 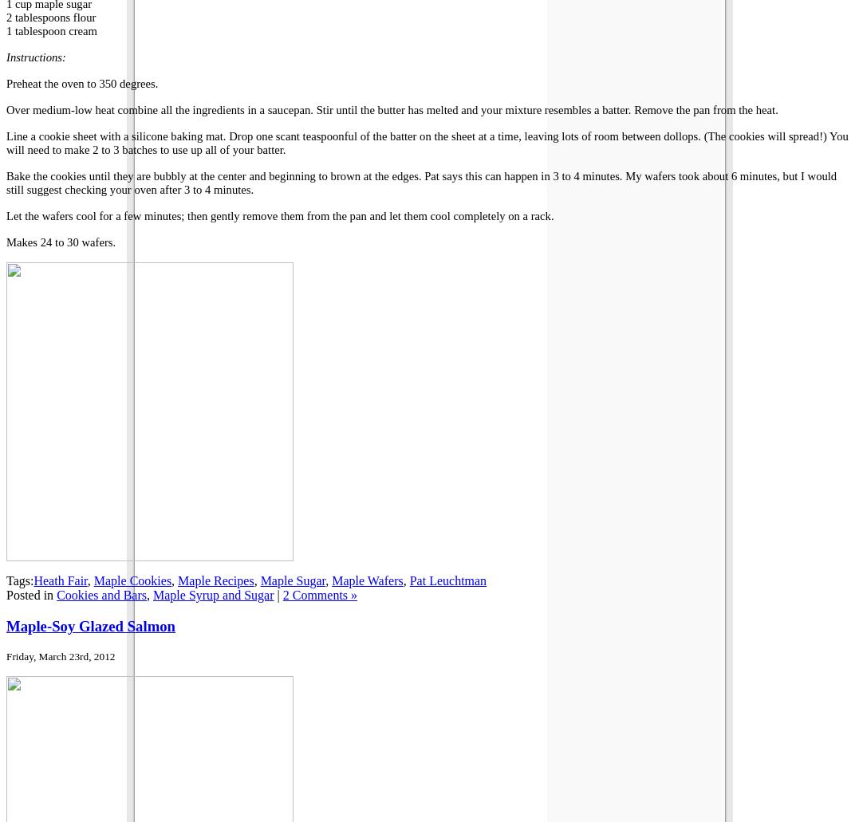 I want to click on 'Maple Sugar', so click(x=292, y=580).